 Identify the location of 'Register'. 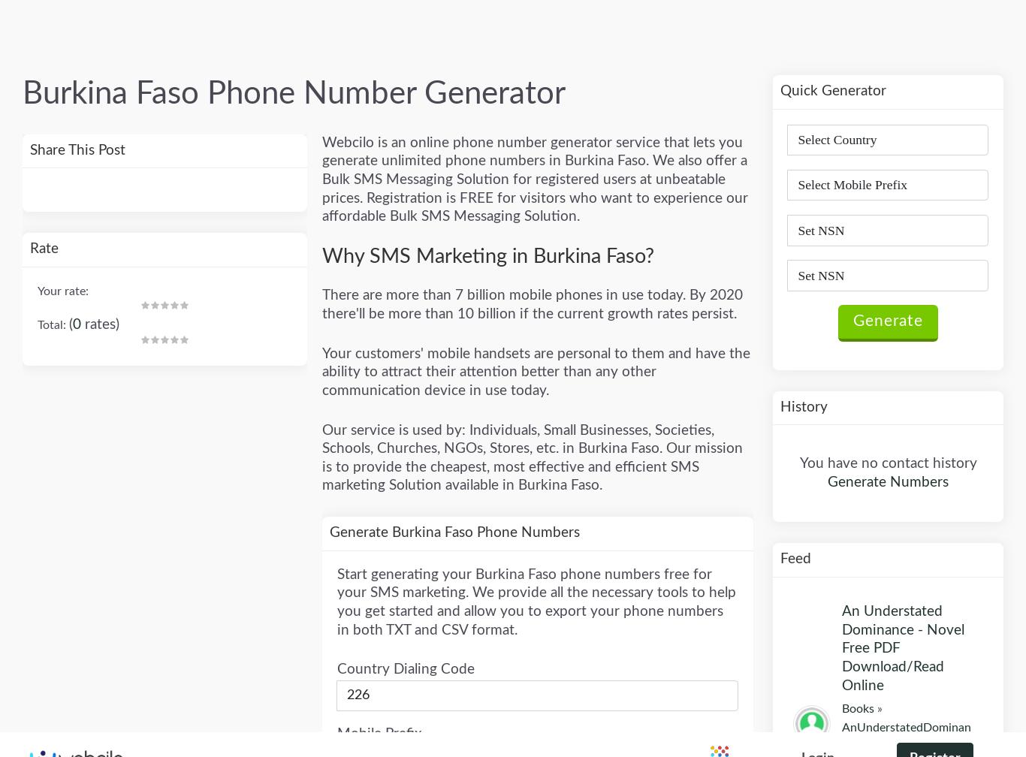
(934, 25).